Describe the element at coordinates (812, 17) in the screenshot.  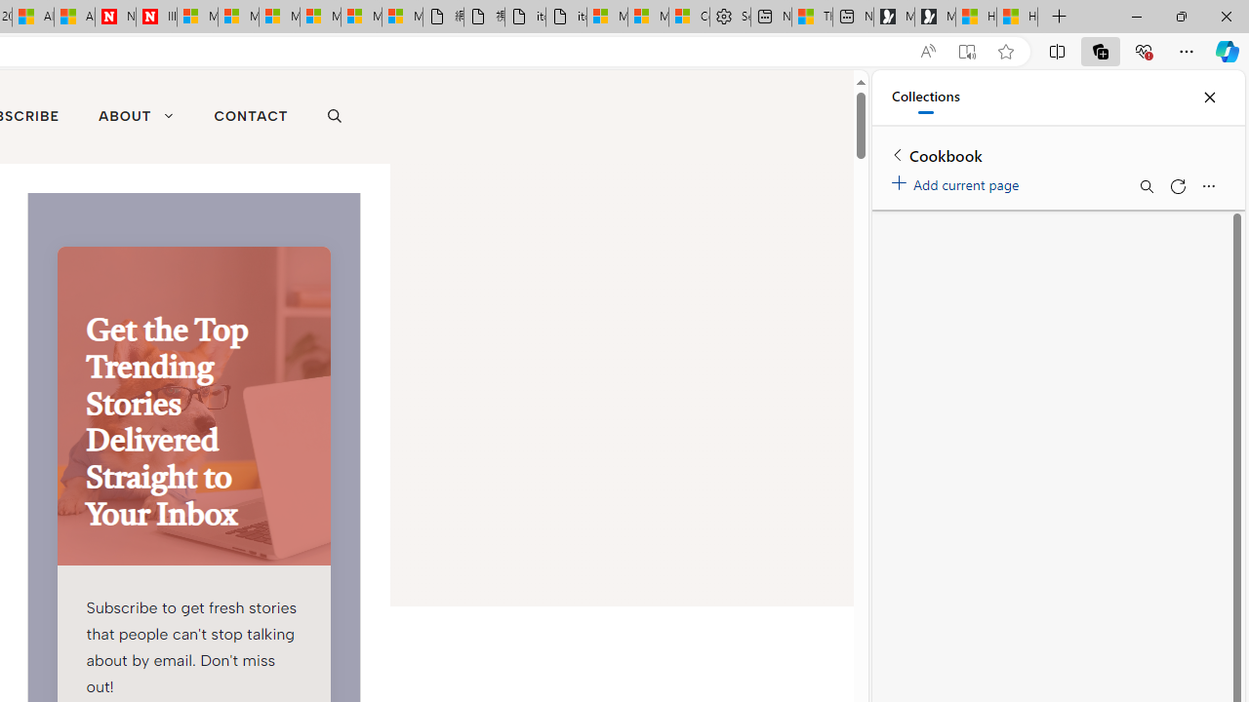
I see `'Three Ways To Stop Sweating So Much'` at that location.